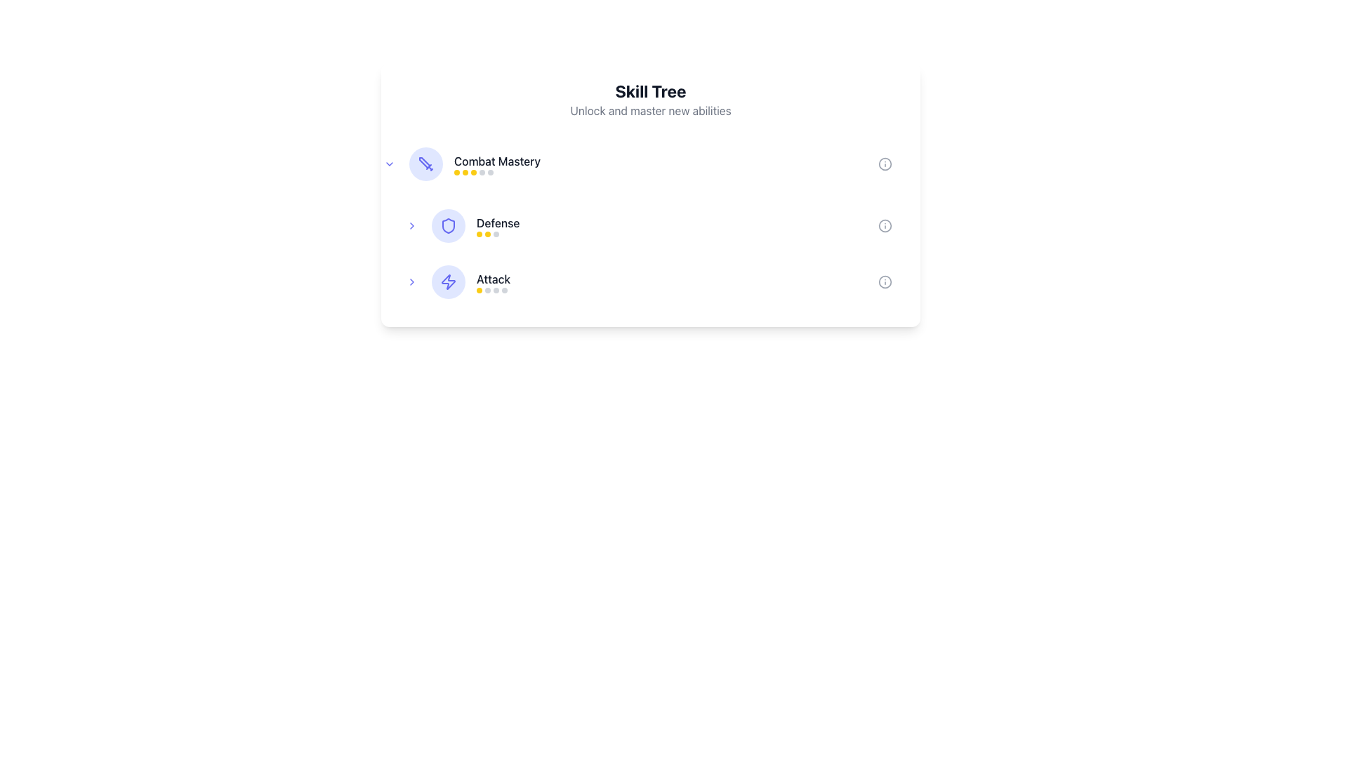 Image resolution: width=1348 pixels, height=758 pixels. I want to click on the progress or rating indicator consisting of three small circles, two yellow and one gray, located in the 'Defense' skill section of the skill tree interface, so click(677, 234).